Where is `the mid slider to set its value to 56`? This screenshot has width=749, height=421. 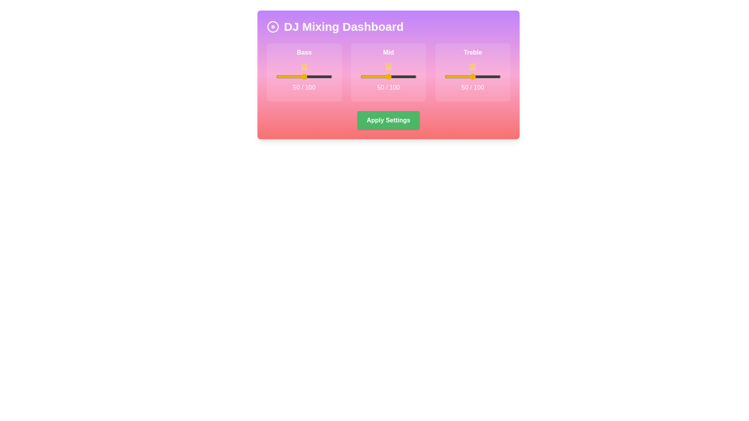
the mid slider to set its value to 56 is located at coordinates (392, 76).